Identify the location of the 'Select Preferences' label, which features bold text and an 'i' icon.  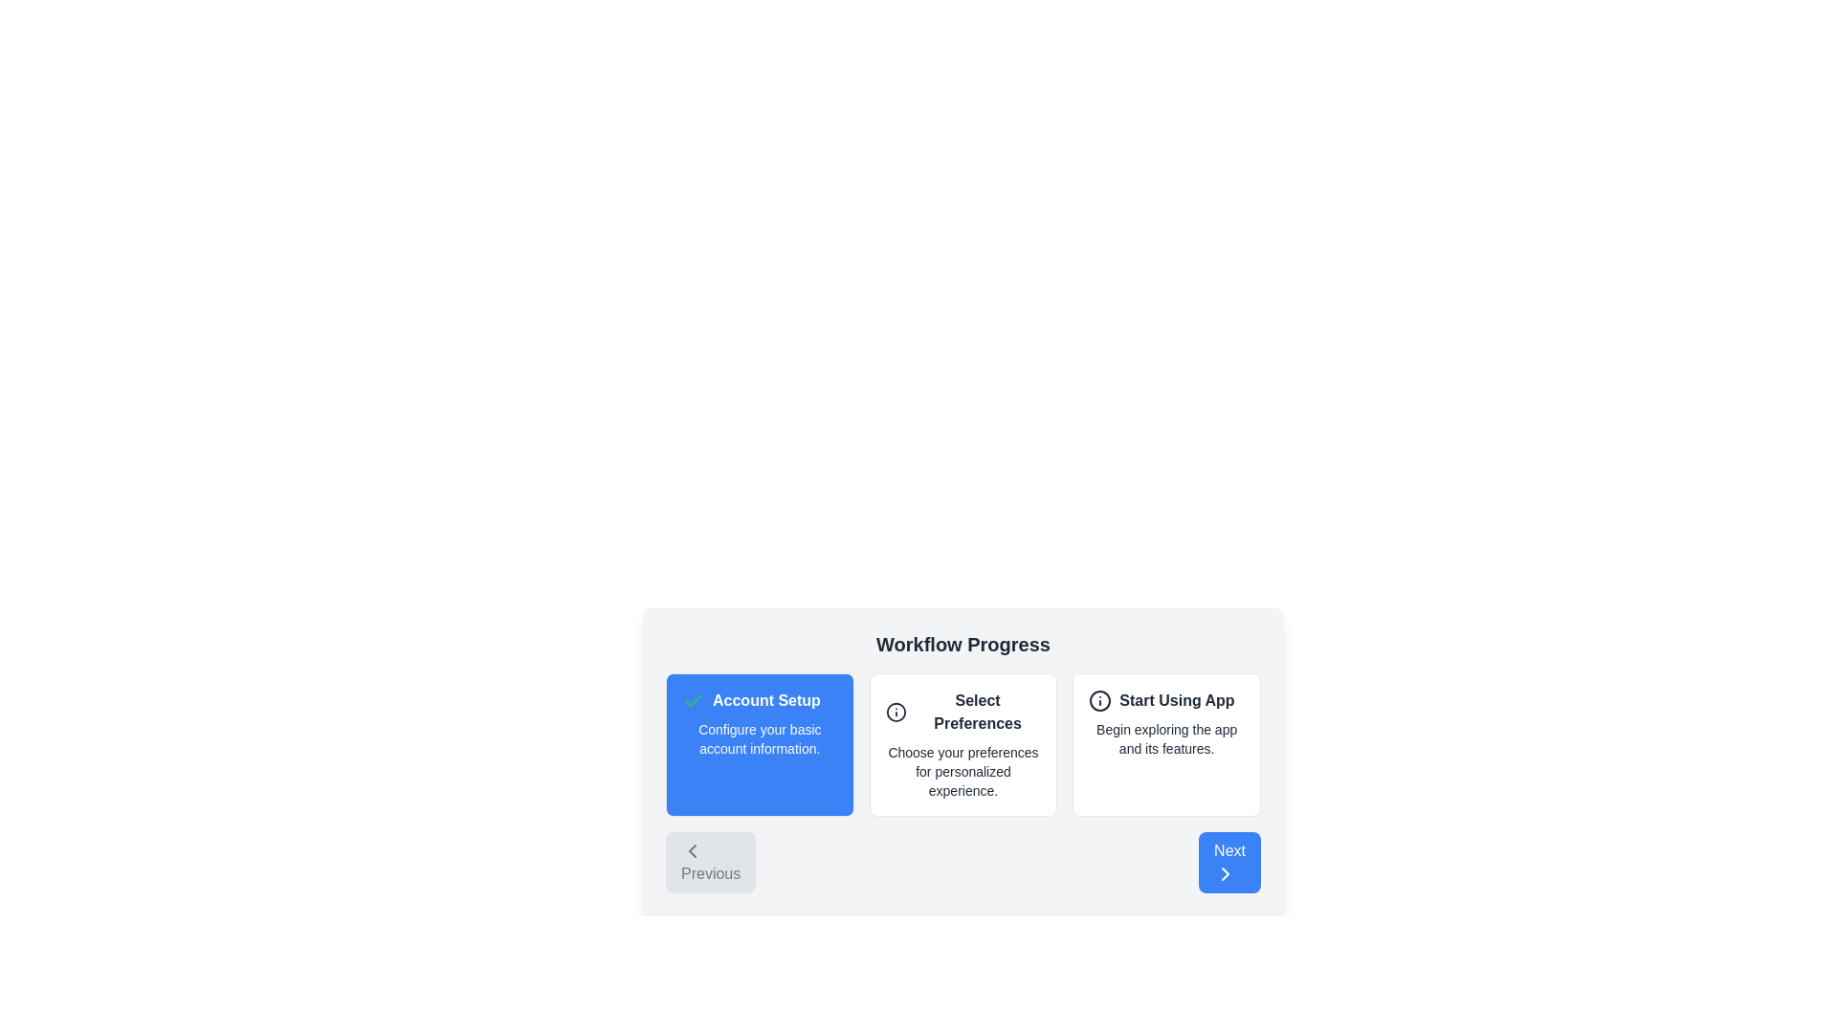
(963, 712).